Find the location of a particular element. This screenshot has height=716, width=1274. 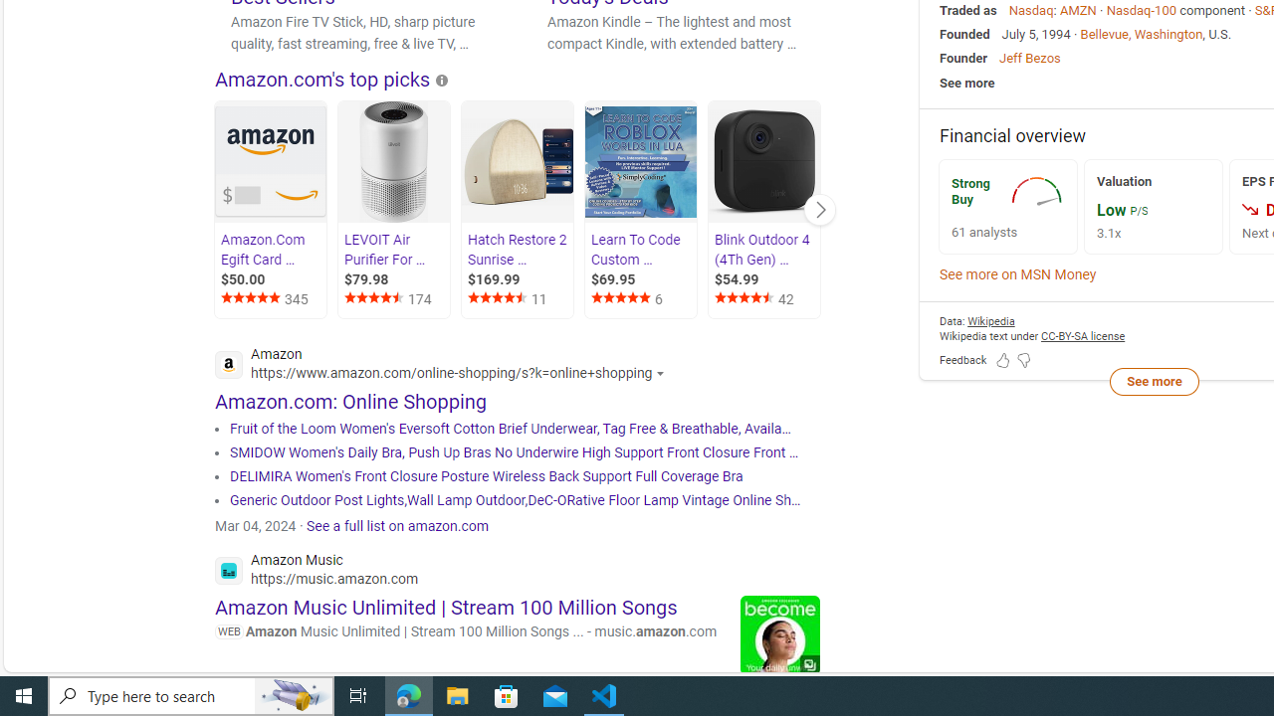

'Feedback Like' is located at coordinates (1003, 360).